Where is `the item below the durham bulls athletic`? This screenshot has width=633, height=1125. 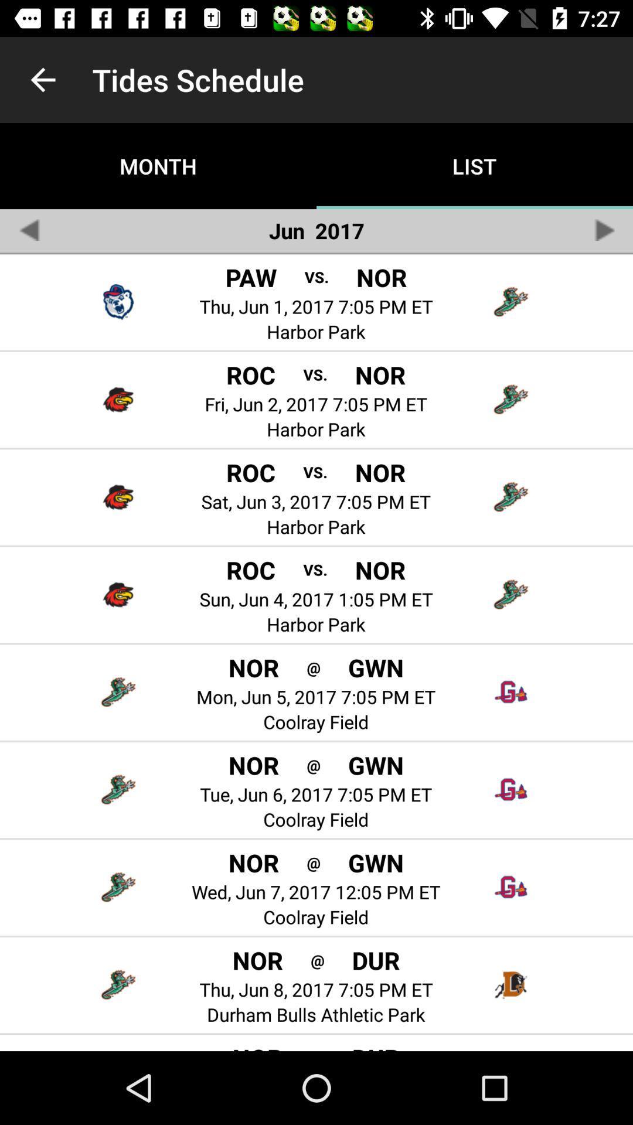 the item below the durham bulls athletic is located at coordinates (317, 1049).